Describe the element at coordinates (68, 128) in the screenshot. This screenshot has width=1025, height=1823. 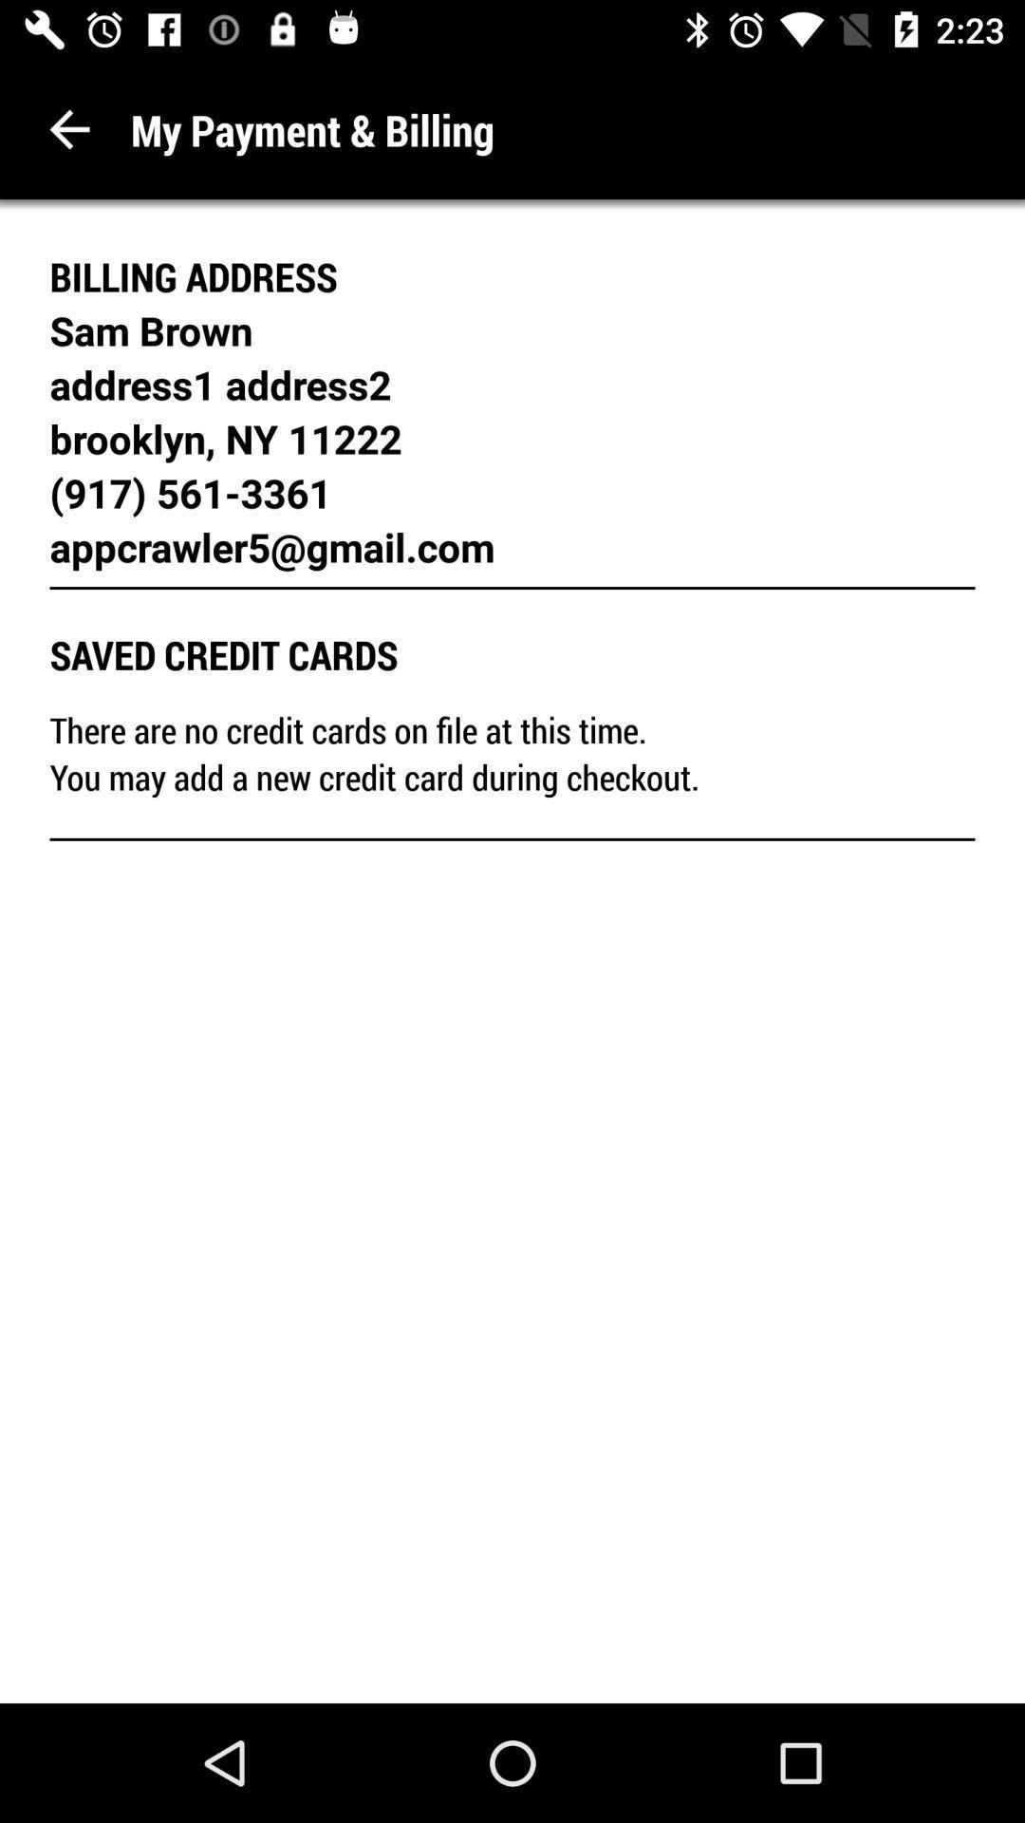
I see `go back` at that location.